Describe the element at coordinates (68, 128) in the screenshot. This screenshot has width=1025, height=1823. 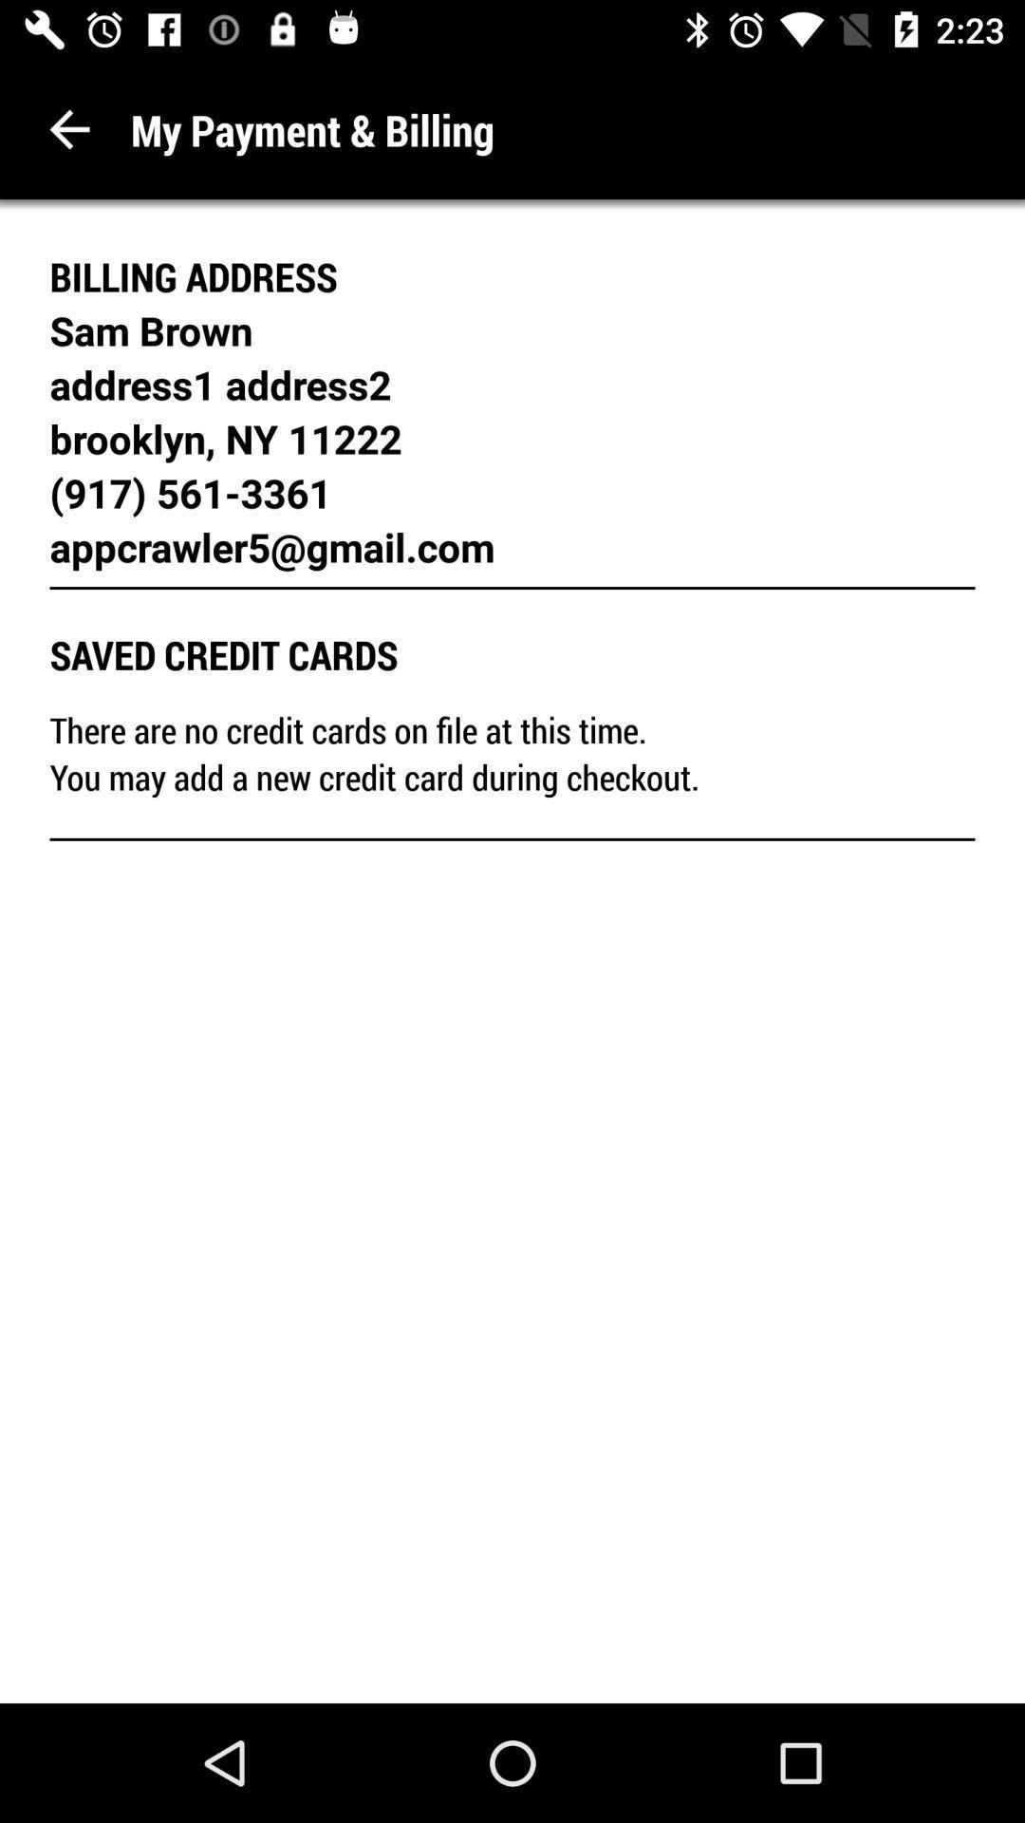
I see `go back` at that location.